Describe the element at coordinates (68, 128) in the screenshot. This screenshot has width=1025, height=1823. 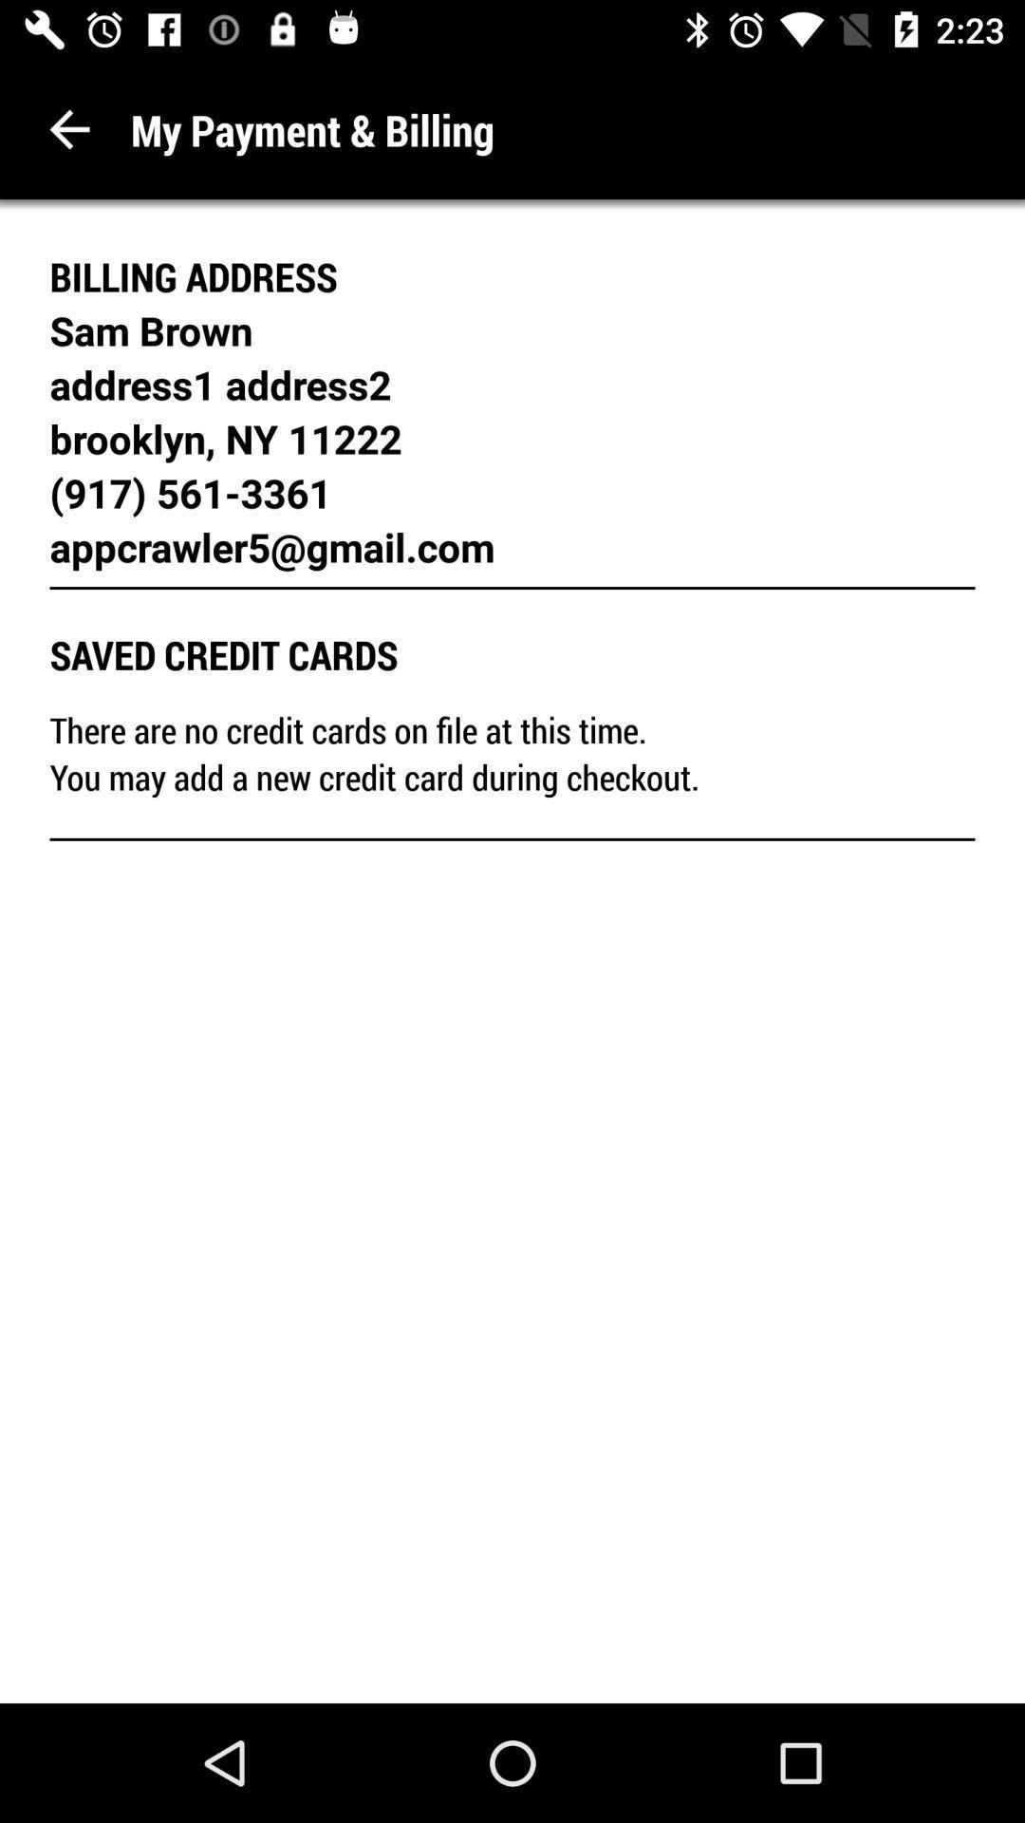
I see `go back` at that location.